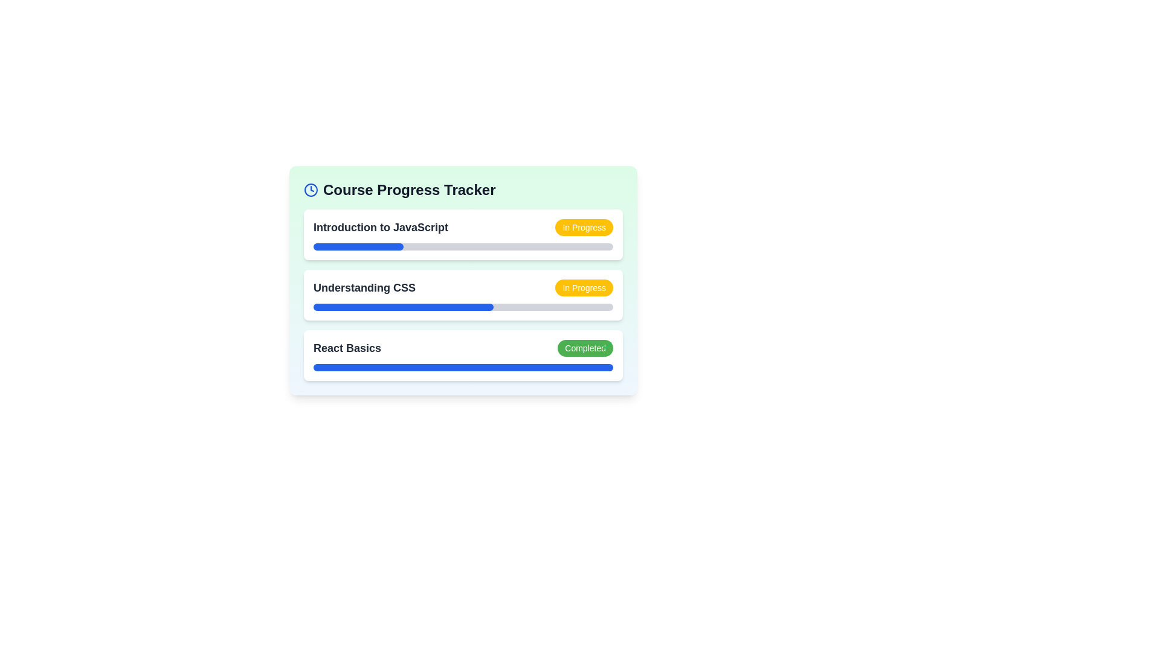 This screenshot has height=652, width=1160. What do you see at coordinates (463, 288) in the screenshot?
I see `the Informational display element showing the course title 'Understanding CSS' and current status 'In Progress'` at bounding box center [463, 288].